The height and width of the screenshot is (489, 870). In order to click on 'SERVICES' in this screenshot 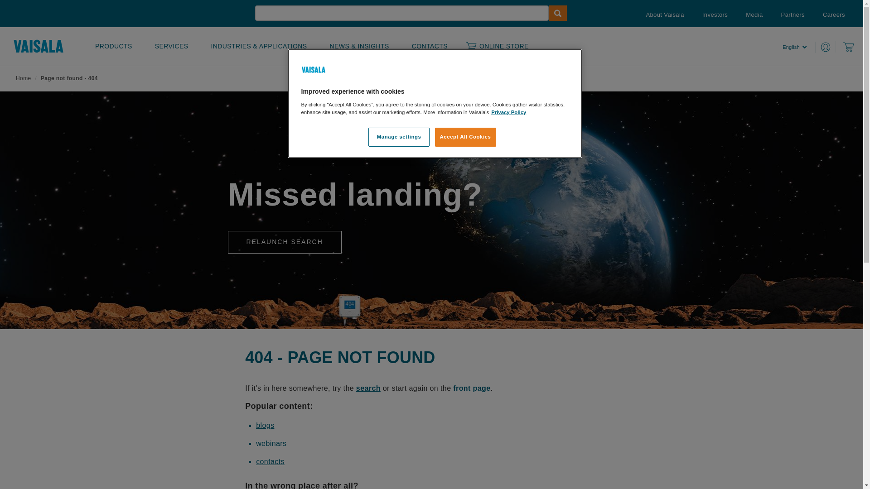, I will do `click(172, 46)`.